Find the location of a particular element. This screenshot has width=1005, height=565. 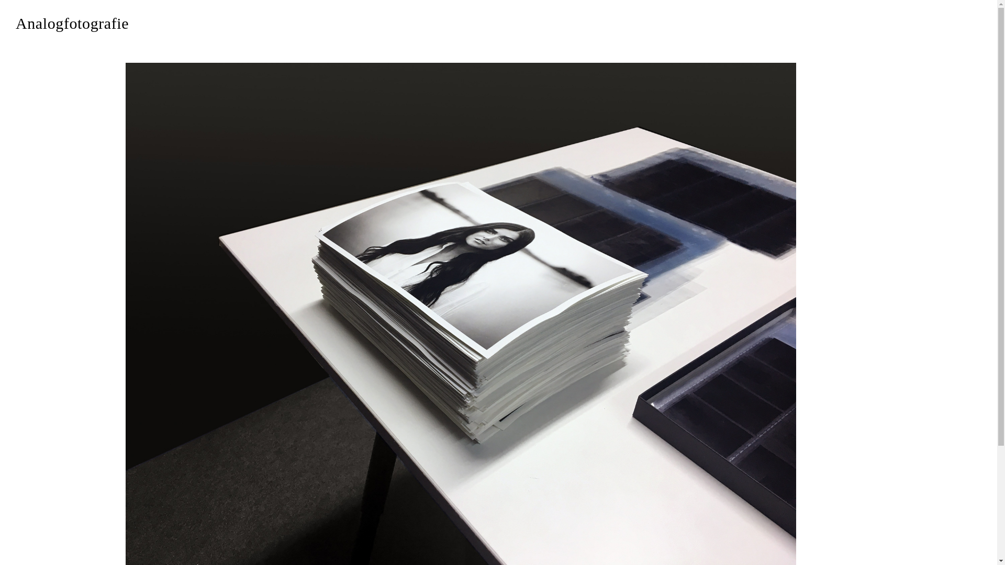

'Analogfotografie' is located at coordinates (72, 24).